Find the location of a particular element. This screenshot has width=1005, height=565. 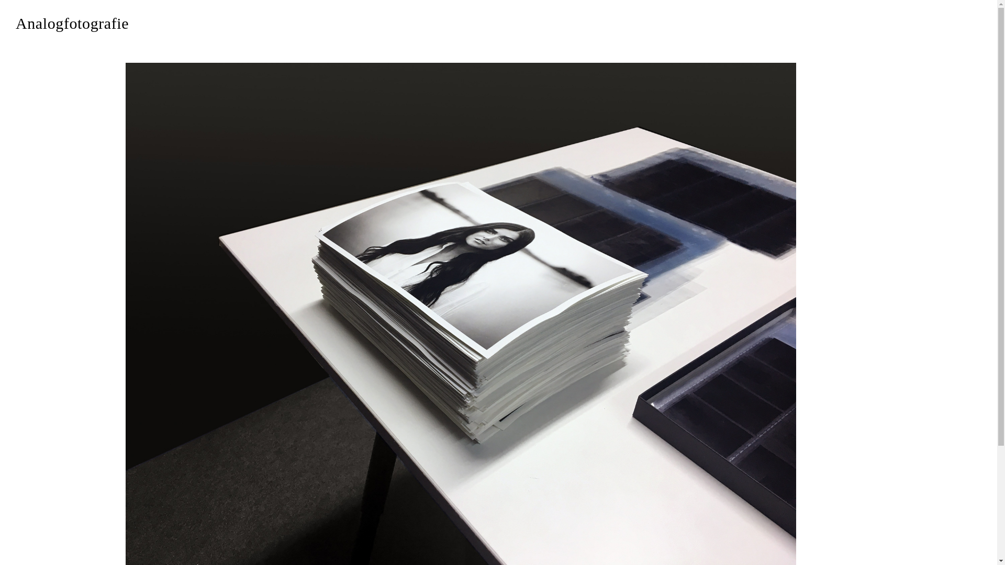

'Analogfotografie' is located at coordinates (72, 24).